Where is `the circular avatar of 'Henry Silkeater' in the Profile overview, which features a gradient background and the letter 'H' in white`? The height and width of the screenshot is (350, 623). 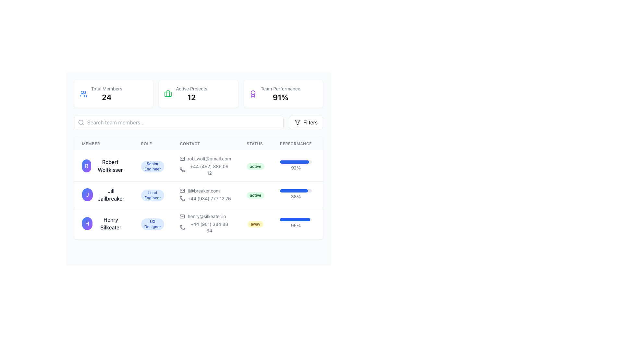
the circular avatar of 'Henry Silkeater' in the Profile overview, which features a gradient background and the letter 'H' in white is located at coordinates (103, 223).